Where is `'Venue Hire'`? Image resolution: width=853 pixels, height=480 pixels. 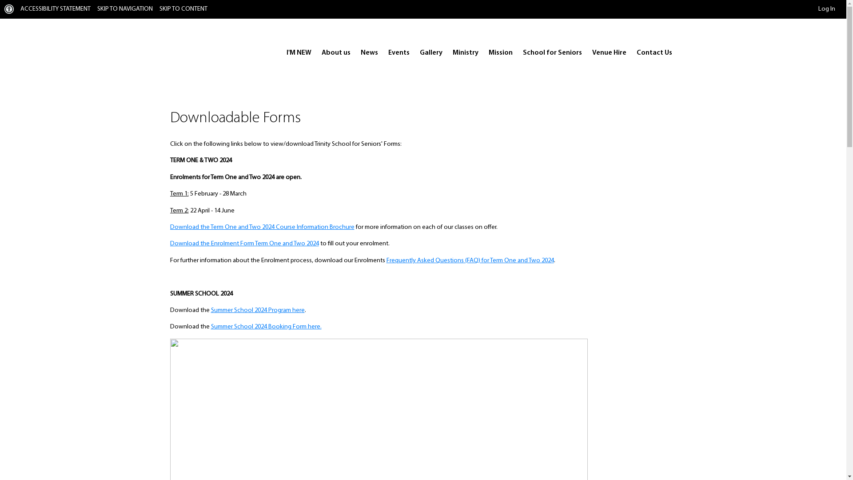
'Venue Hire' is located at coordinates (608, 53).